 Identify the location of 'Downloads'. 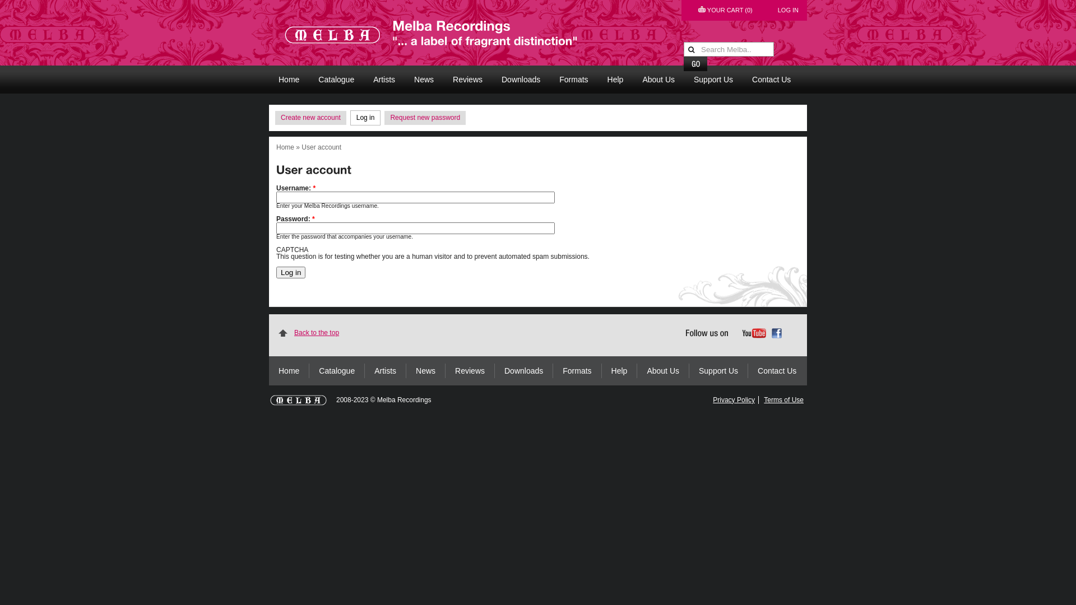
(520, 79).